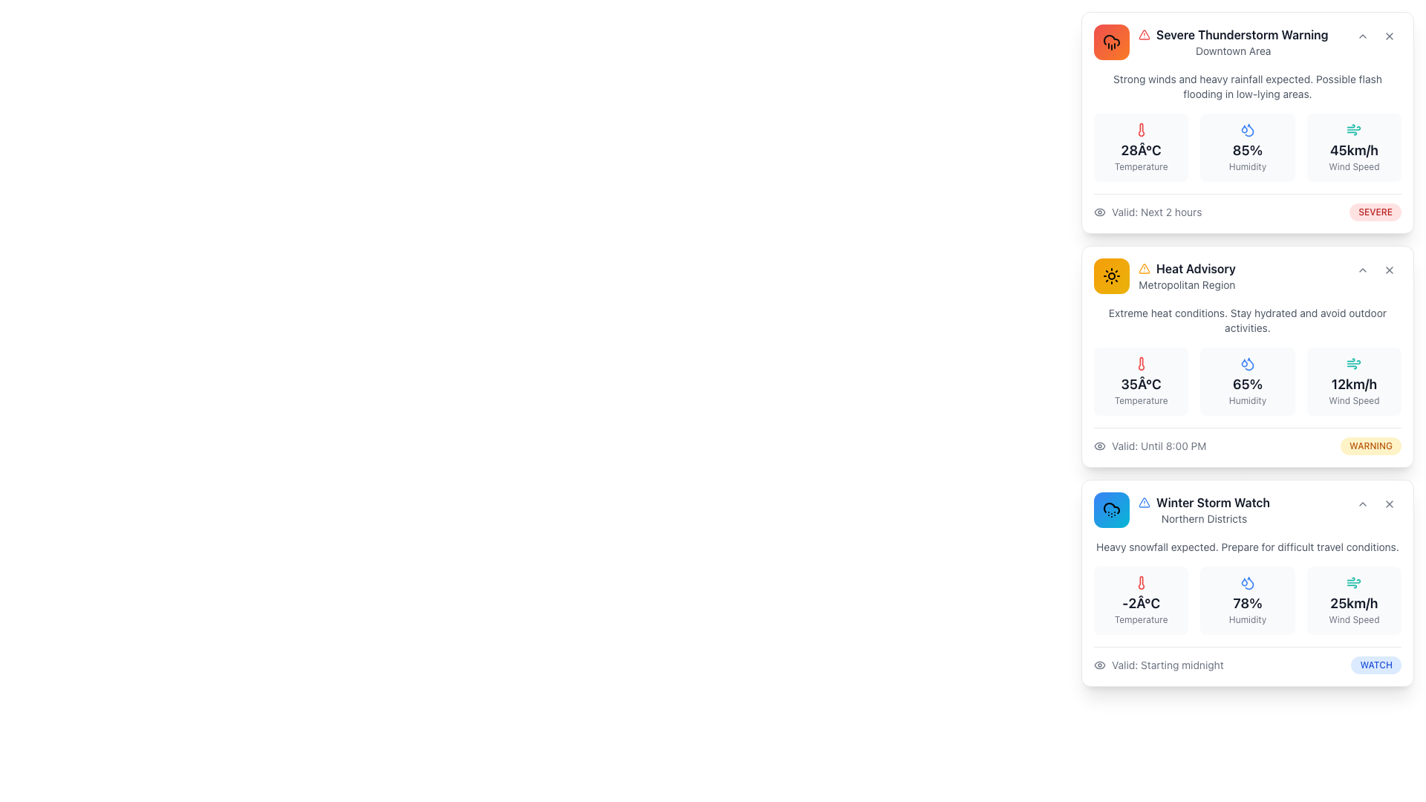 The image size is (1426, 802). I want to click on the small circular button with an 'X' icon located at the top-right corner of the second notification card labeled 'Heat Advisory Metropolitan Region' to invoke its close action, so click(1389, 270).